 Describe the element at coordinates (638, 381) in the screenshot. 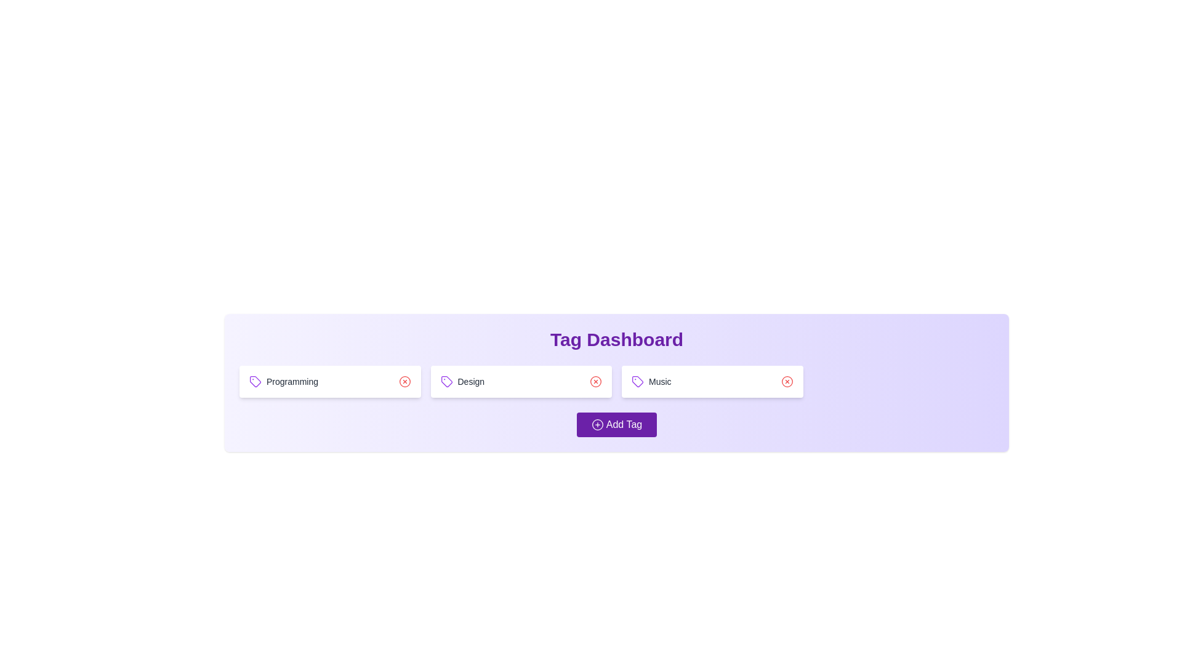

I see `the tag icon located in the 'Tag Dashboard' section, specifically positioned to the left of the text 'Design'` at that location.